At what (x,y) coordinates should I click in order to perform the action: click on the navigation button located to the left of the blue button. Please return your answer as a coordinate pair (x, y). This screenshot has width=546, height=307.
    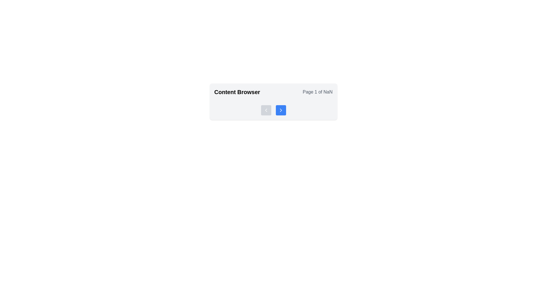
    Looking at the image, I should click on (266, 110).